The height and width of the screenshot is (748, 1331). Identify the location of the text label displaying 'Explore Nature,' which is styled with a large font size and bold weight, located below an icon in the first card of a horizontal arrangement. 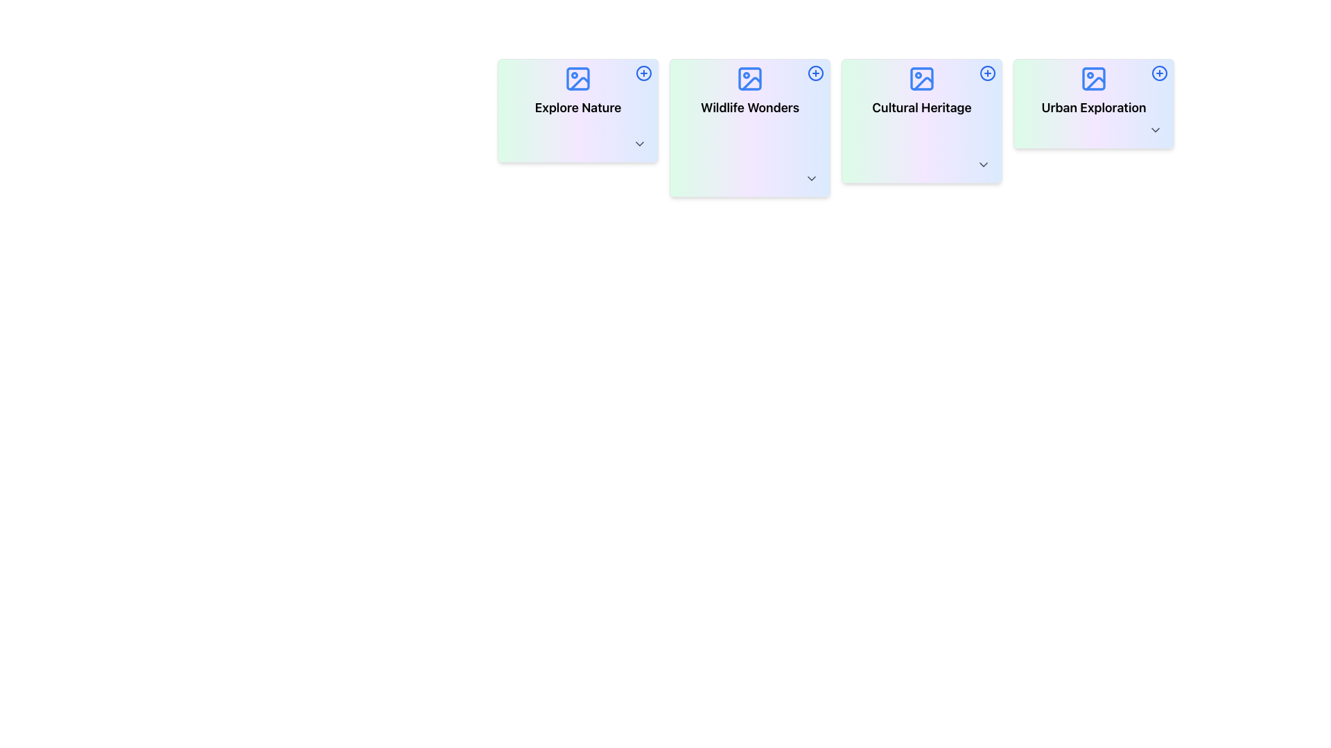
(578, 107).